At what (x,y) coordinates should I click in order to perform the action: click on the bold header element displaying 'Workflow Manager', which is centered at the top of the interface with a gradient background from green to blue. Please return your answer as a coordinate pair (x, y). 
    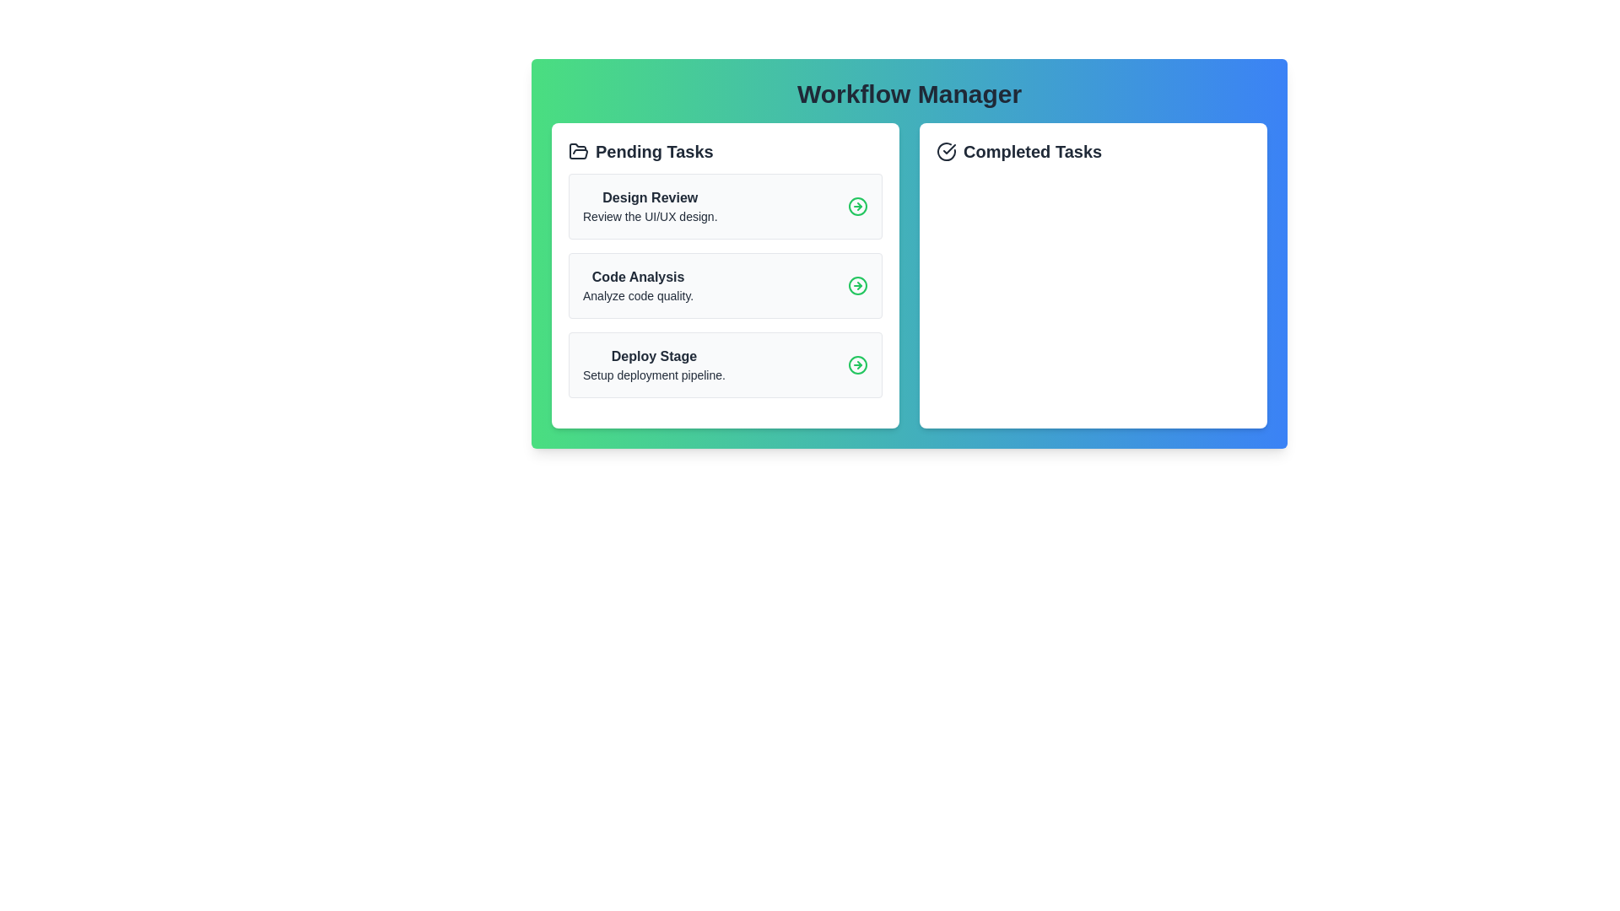
    Looking at the image, I should click on (909, 94).